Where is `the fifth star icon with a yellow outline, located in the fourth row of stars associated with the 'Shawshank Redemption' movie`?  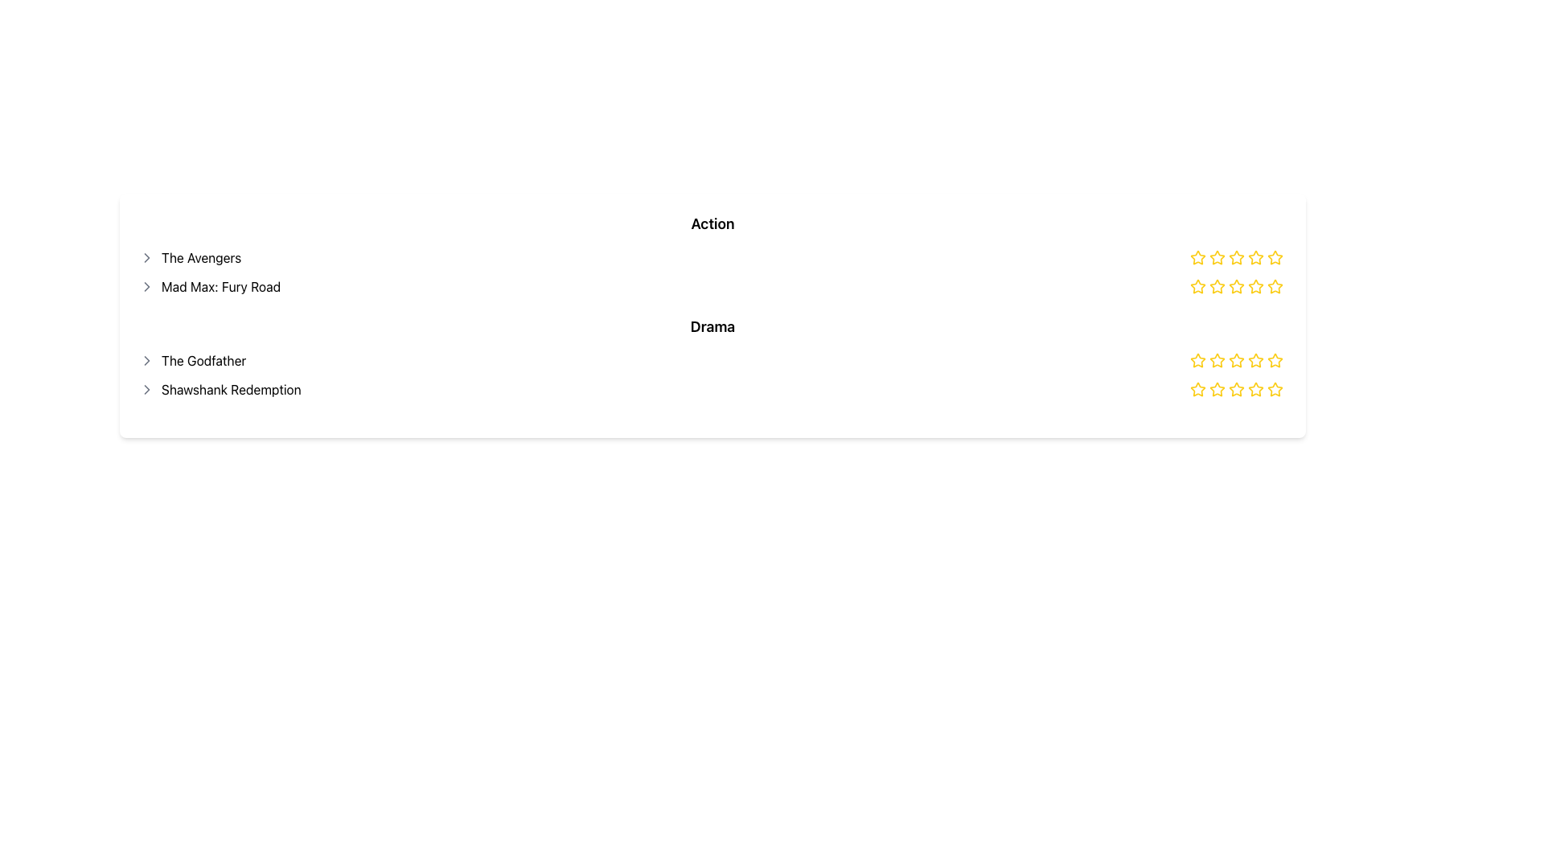 the fifth star icon with a yellow outline, located in the fourth row of stars associated with the 'Shawshank Redemption' movie is located at coordinates (1254, 390).